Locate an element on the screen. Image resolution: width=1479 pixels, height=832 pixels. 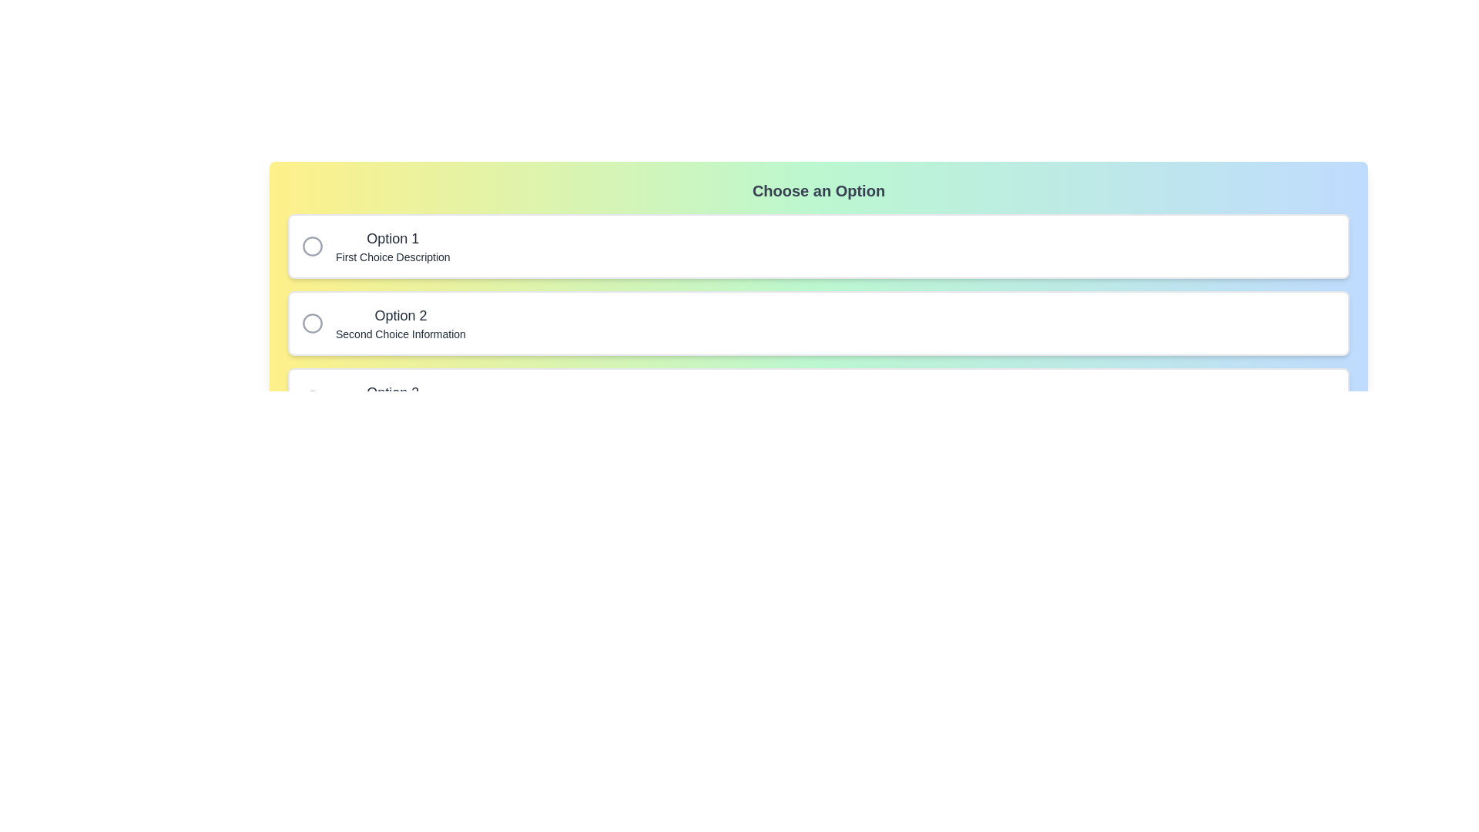
the text label that describes the first radio button option in the vertically stacked group is located at coordinates (393, 246).